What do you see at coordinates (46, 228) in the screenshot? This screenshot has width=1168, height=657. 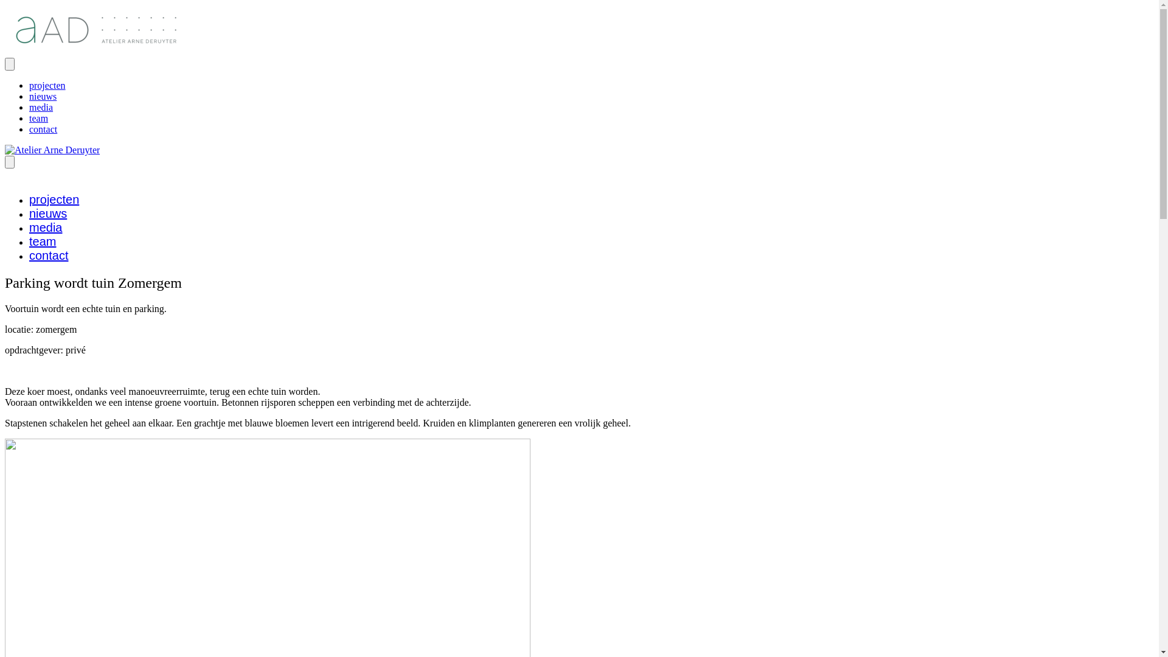 I see `'media'` at bounding box center [46, 228].